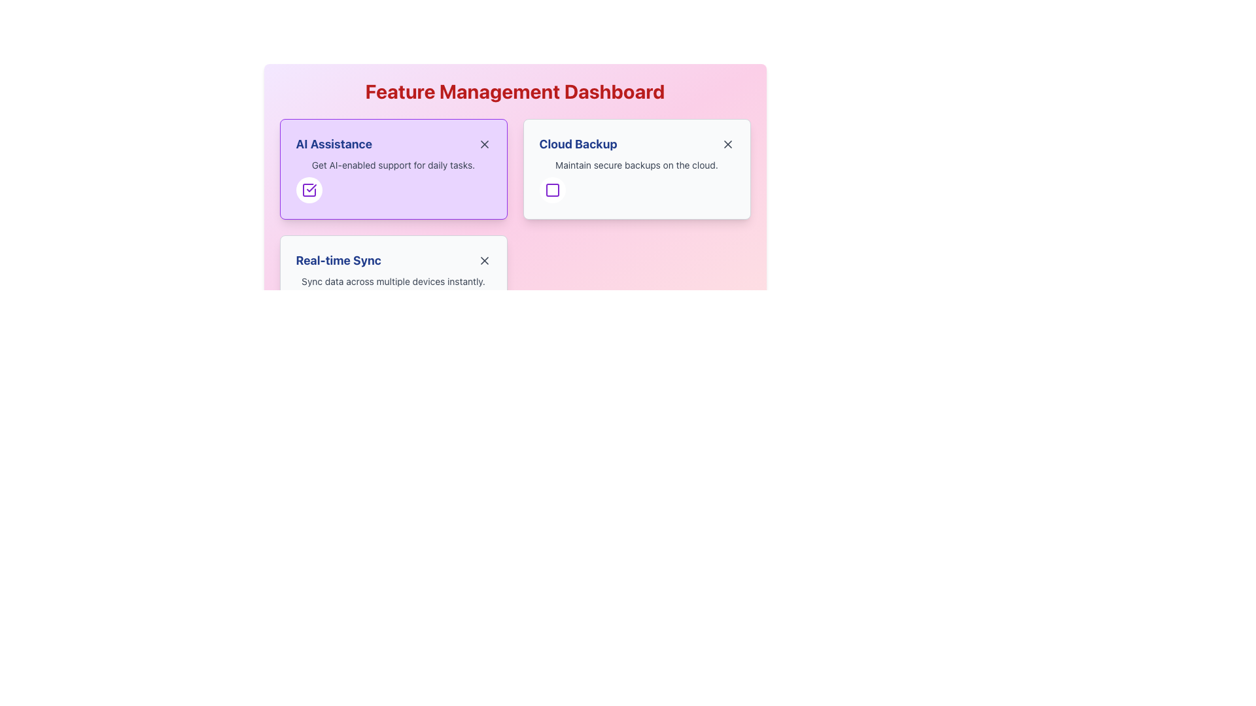  Describe the element at coordinates (308, 307) in the screenshot. I see `the Interactive Icon Component located in the bottom-left corner of the 'Feature Management Dashboard'` at that location.